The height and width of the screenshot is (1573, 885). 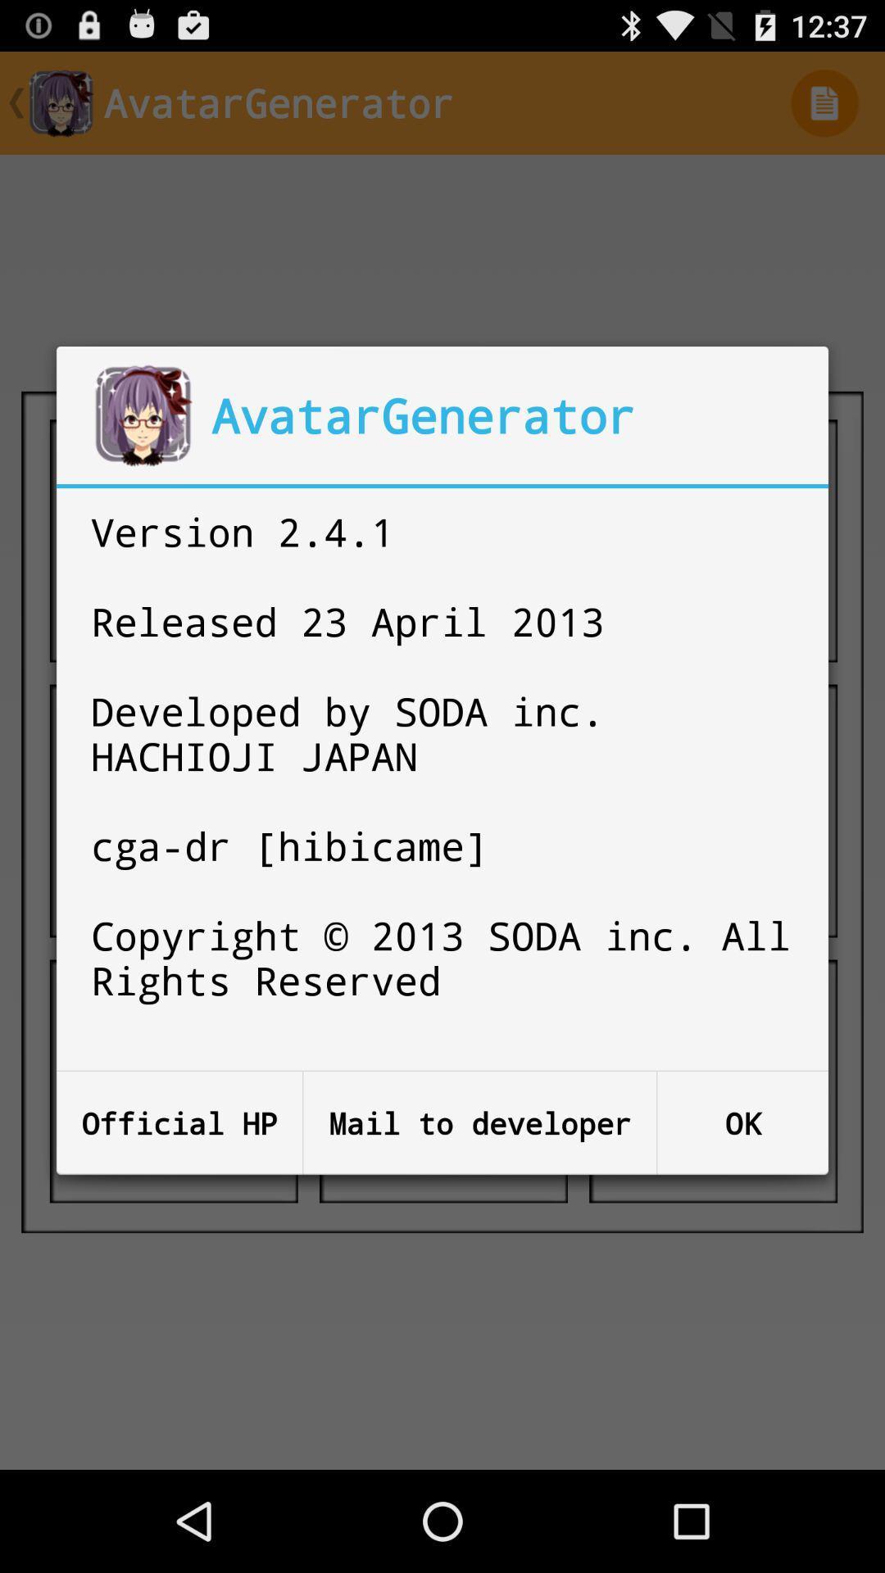 I want to click on the item to the left of the ok, so click(x=479, y=1122).